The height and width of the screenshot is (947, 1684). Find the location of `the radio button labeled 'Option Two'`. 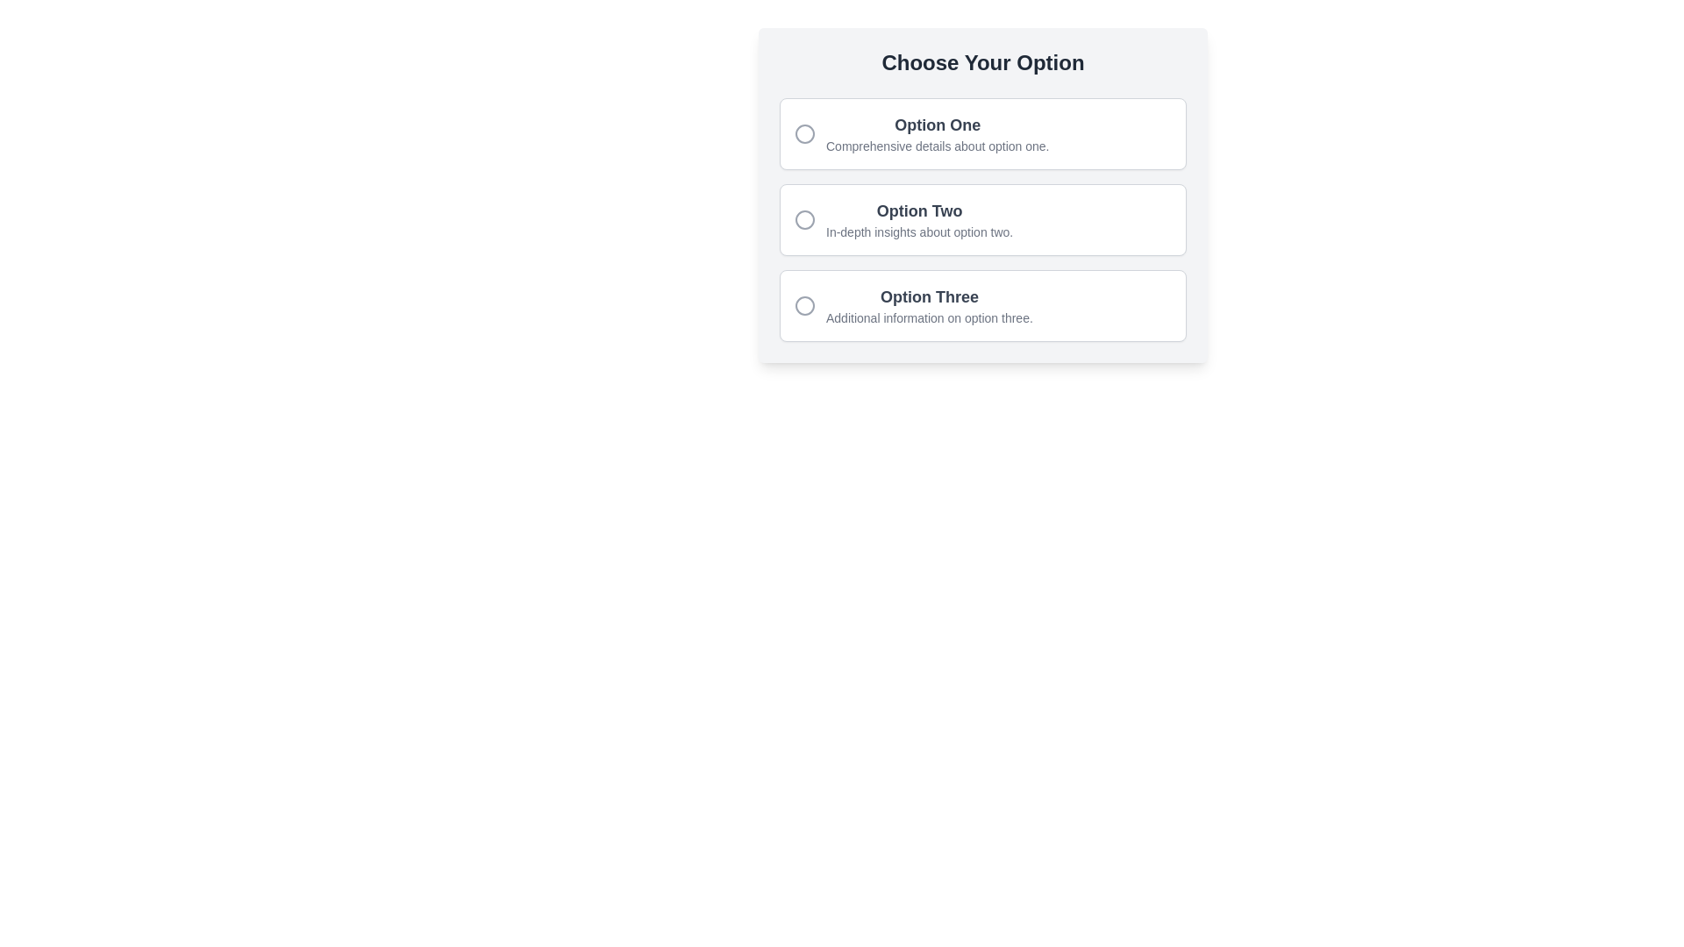

the radio button labeled 'Option Two' is located at coordinates (983, 218).